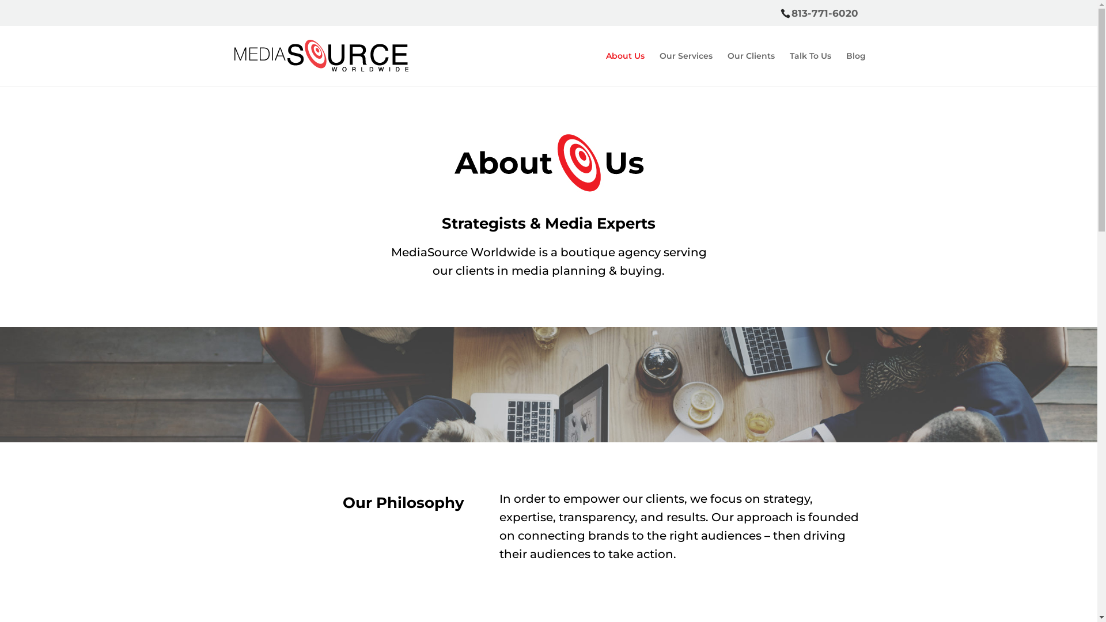 Image resolution: width=1106 pixels, height=622 pixels. What do you see at coordinates (824, 13) in the screenshot?
I see `'813-771-6020'` at bounding box center [824, 13].